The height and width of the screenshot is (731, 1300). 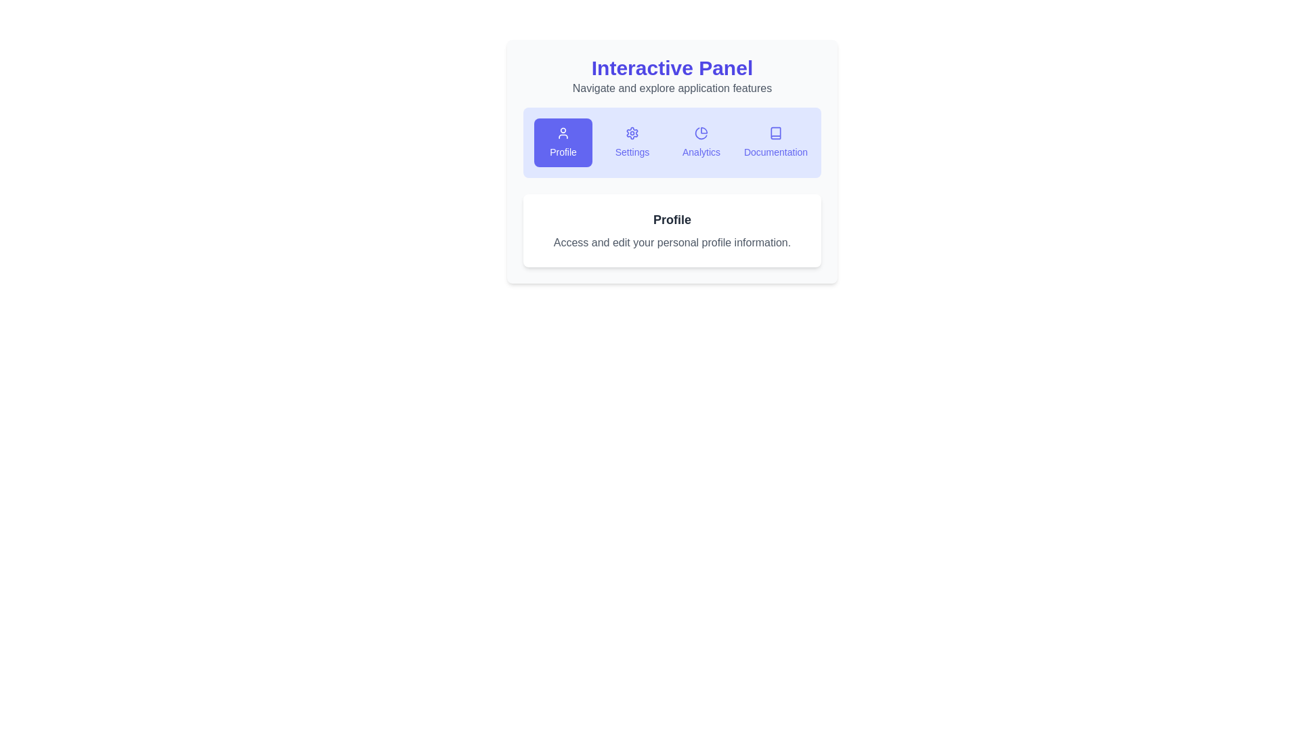 I want to click on the settings icon located in the navigation row, which is positioned to the right of the Profile icon and to the left of the Analytics icon, so click(x=632, y=133).